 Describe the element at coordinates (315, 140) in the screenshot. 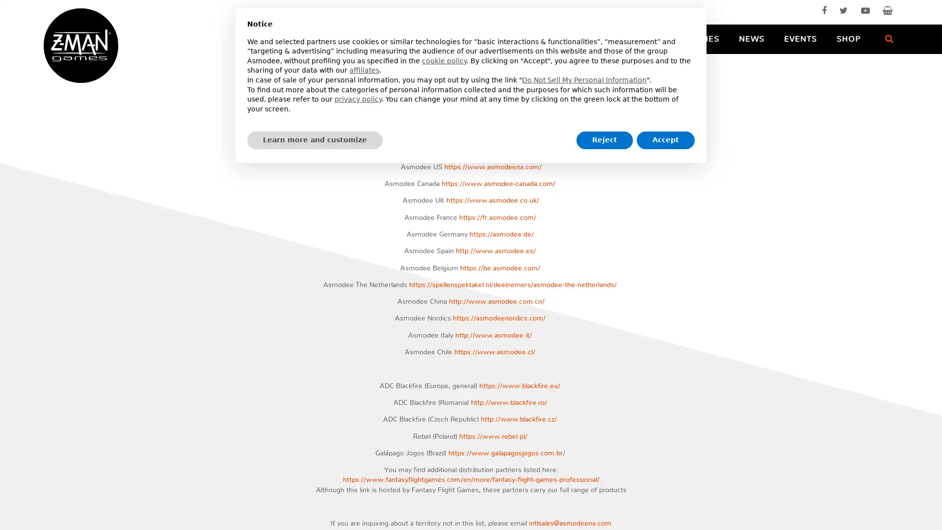

I see `Learn more and customize` at that location.